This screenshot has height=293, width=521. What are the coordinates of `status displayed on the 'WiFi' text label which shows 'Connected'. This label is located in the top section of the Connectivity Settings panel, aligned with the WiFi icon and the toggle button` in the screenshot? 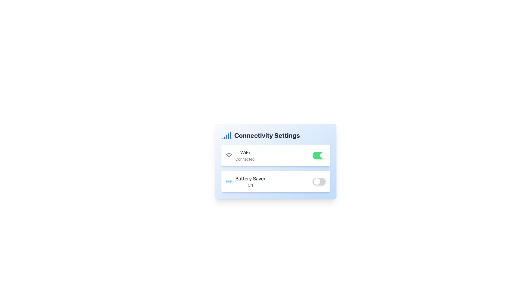 It's located at (244, 155).